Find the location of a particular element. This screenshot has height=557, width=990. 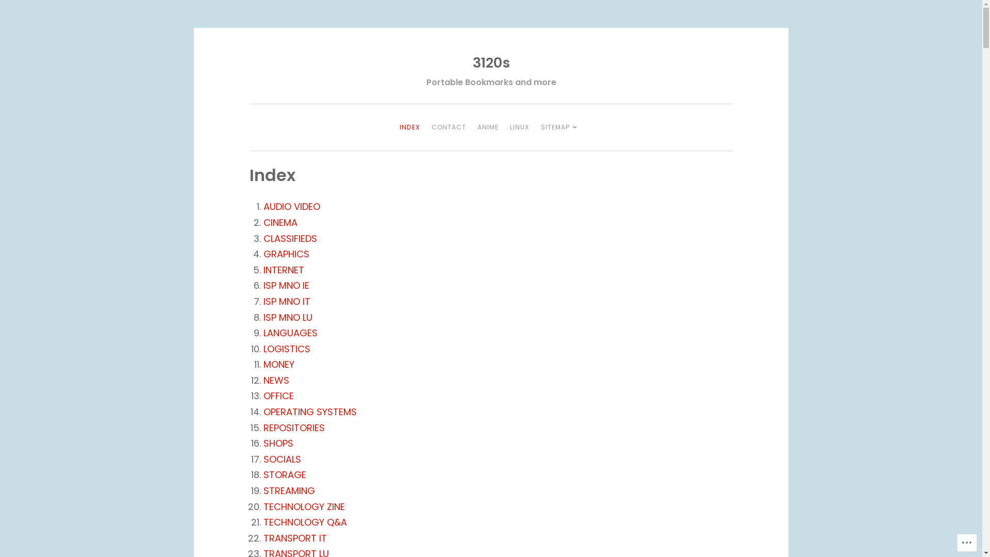

'ANIME' is located at coordinates (487, 126).